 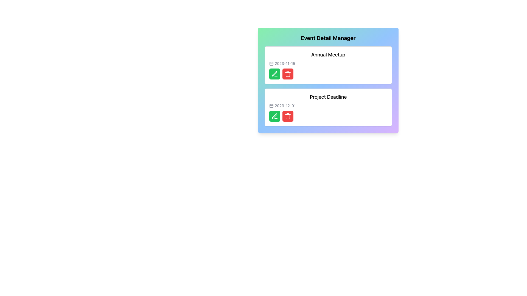 What do you see at coordinates (271, 106) in the screenshot?
I see `the small calendar icon with a minimalist design located to the left of the date text '2023-12-01'` at bounding box center [271, 106].